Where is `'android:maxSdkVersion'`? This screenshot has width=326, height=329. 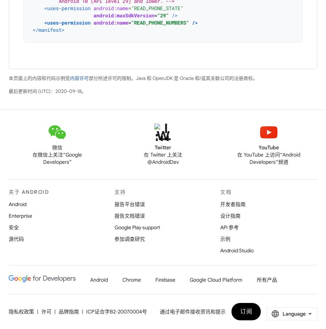
'android:maxSdkVersion' is located at coordinates (93, 15).